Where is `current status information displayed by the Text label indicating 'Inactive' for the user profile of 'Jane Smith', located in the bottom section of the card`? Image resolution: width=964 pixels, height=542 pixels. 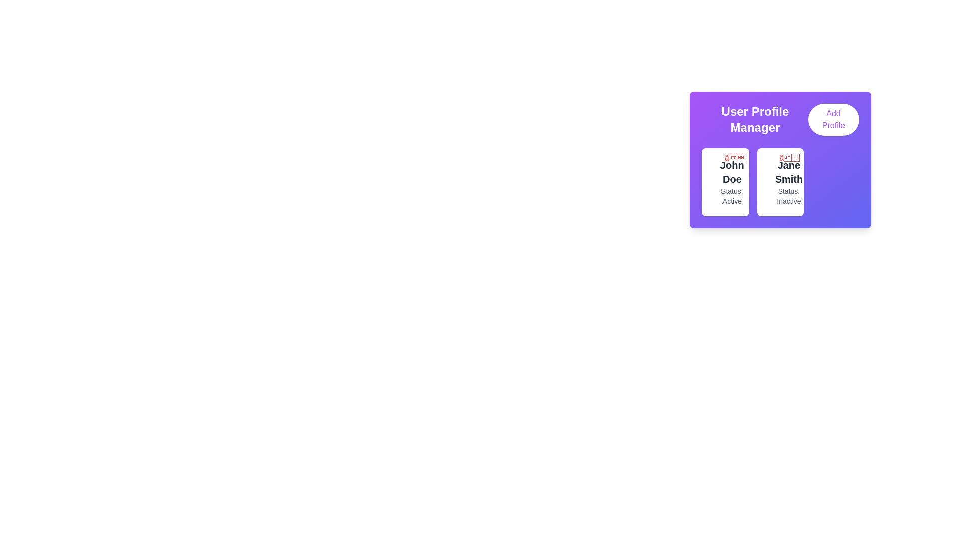 current status information displayed by the Text label indicating 'Inactive' for the user profile of 'Jane Smith', located in the bottom section of the card is located at coordinates (788, 196).